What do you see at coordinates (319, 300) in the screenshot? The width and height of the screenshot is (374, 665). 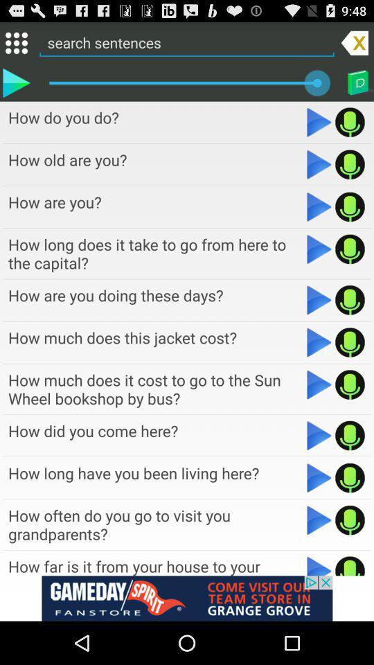 I see `option` at bounding box center [319, 300].